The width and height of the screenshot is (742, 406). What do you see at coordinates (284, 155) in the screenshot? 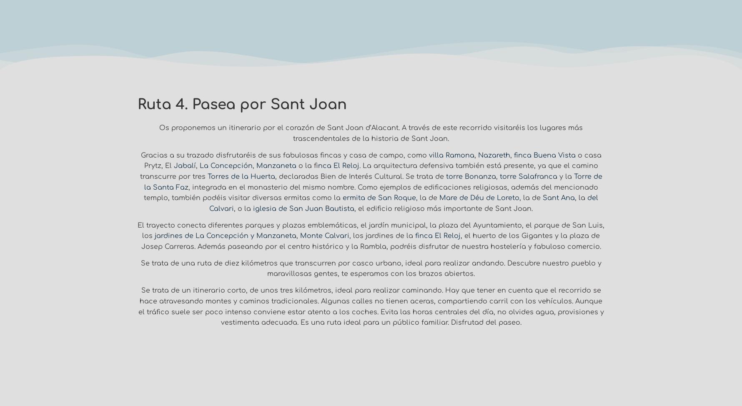
I see `'Gracias a su trazado disfrutaréis de sus fabulosas fincas y casa de campo, como'` at bounding box center [284, 155].